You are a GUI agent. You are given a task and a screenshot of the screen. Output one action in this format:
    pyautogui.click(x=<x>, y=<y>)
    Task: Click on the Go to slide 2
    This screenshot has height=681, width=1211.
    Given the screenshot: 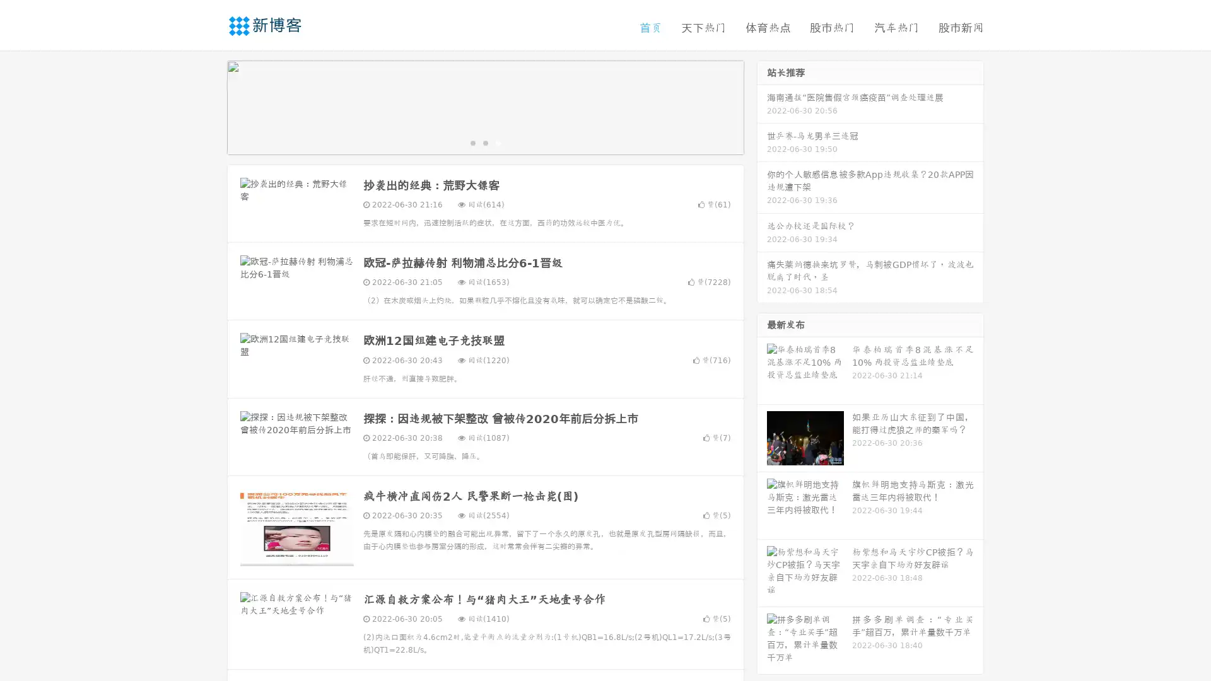 What is the action you would take?
    pyautogui.click(x=484, y=142)
    